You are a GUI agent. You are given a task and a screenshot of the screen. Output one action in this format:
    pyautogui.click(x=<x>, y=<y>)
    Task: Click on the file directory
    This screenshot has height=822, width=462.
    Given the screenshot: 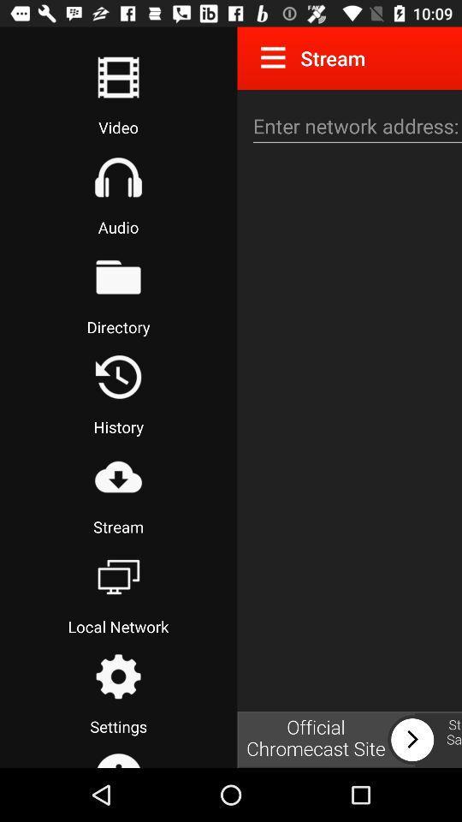 What is the action you would take?
    pyautogui.click(x=117, y=277)
    